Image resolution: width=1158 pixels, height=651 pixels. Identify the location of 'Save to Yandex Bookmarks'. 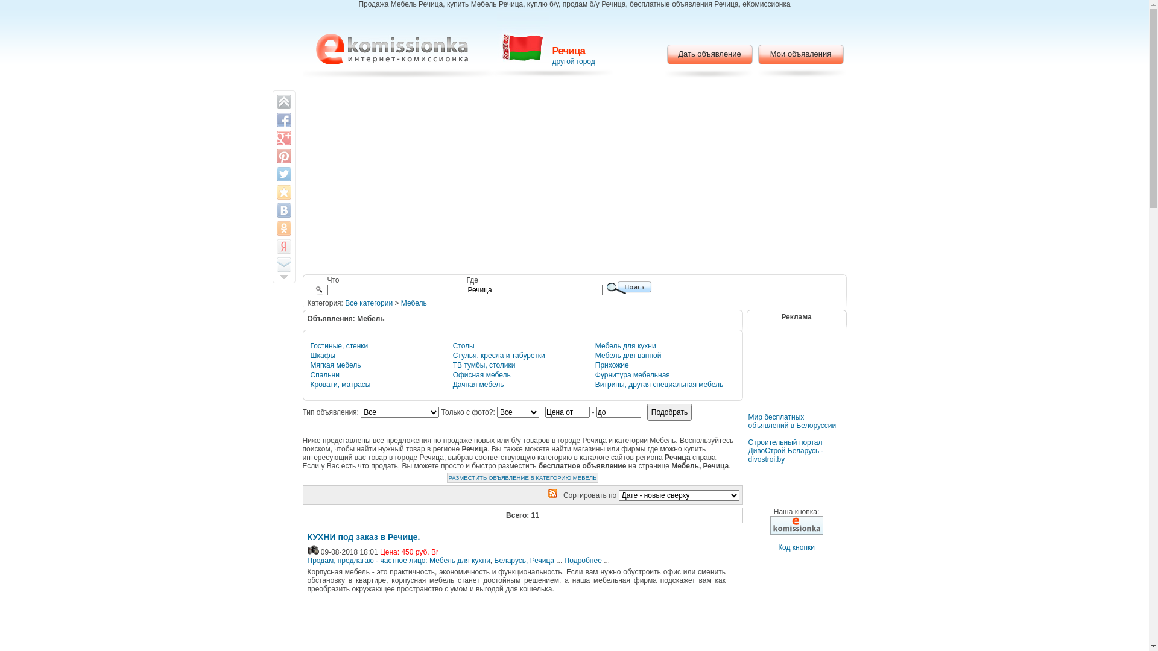
(283, 245).